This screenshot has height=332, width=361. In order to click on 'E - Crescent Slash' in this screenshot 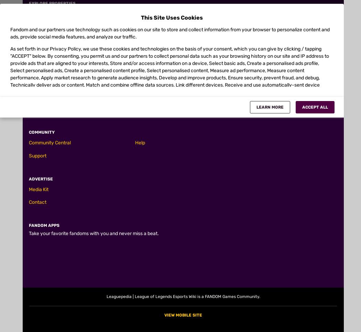, I will do `click(78, 204)`.